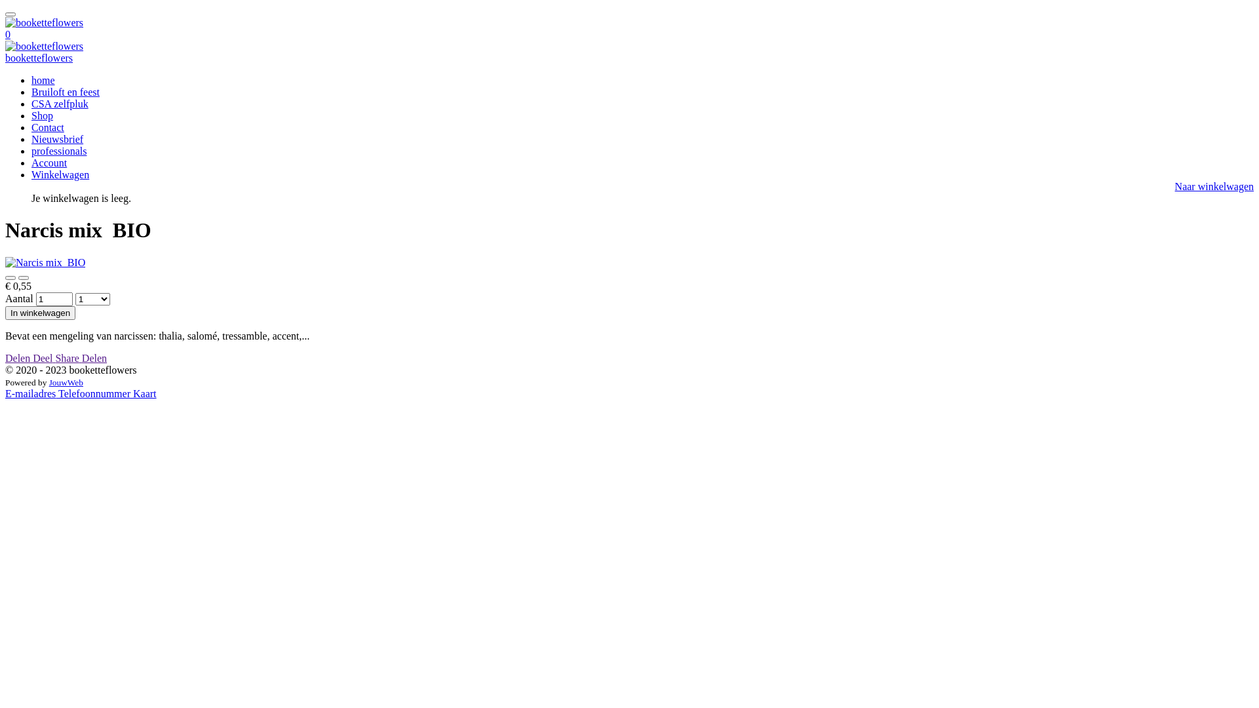  I want to click on 'Contact', so click(31, 127).